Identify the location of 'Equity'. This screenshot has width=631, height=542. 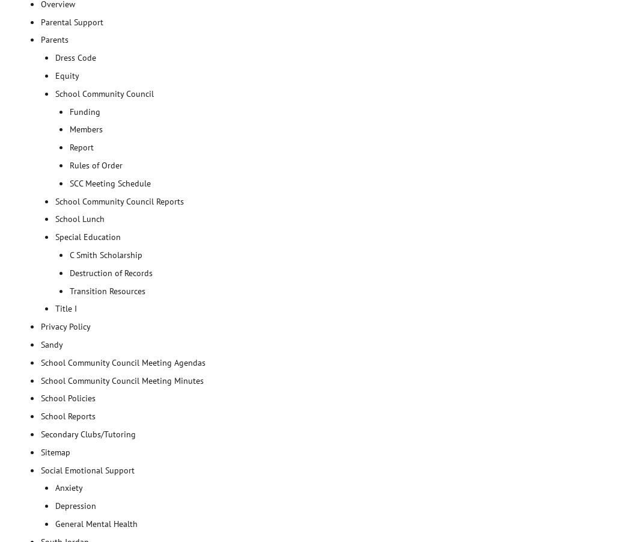
(67, 75).